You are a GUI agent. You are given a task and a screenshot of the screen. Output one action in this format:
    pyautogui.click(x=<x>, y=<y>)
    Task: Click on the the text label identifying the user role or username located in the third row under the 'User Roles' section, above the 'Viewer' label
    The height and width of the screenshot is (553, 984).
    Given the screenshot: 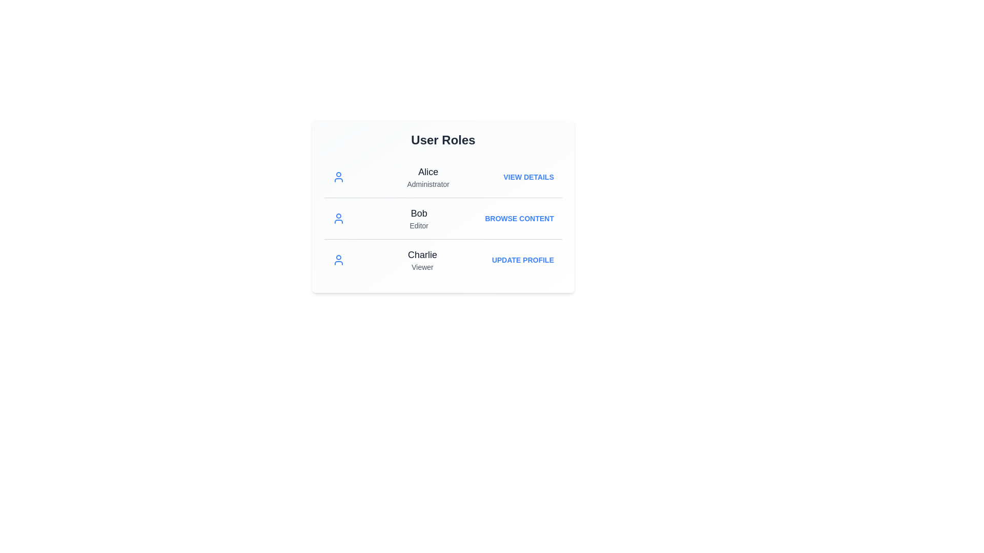 What is the action you would take?
    pyautogui.click(x=422, y=254)
    